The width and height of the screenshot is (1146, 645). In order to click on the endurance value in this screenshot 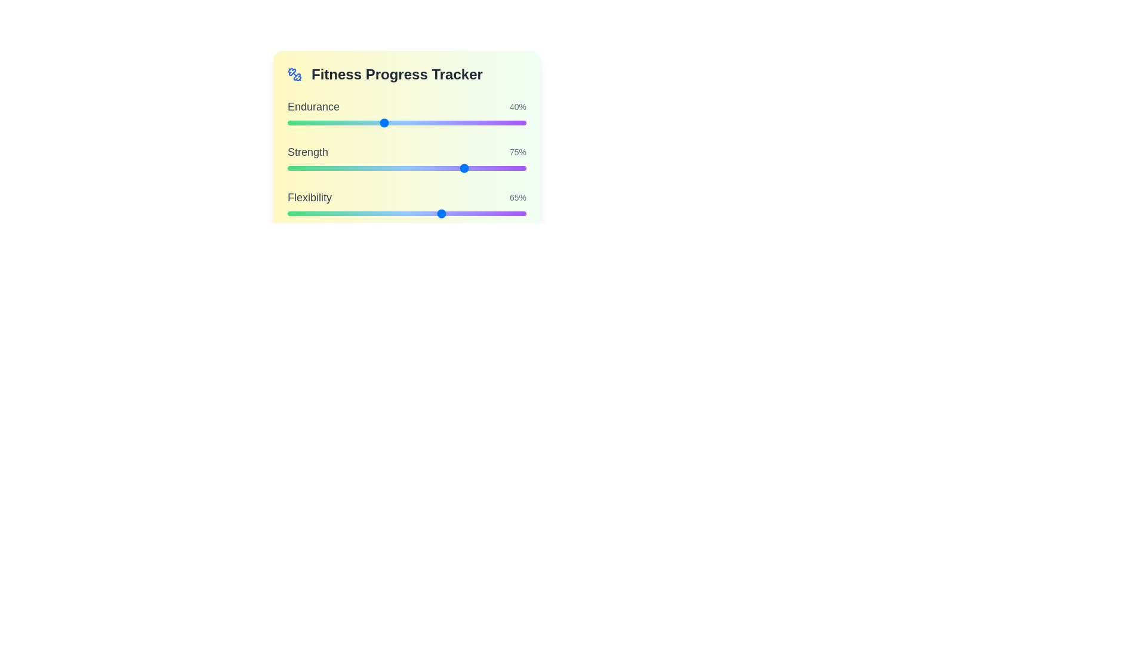, I will do `click(334, 122)`.